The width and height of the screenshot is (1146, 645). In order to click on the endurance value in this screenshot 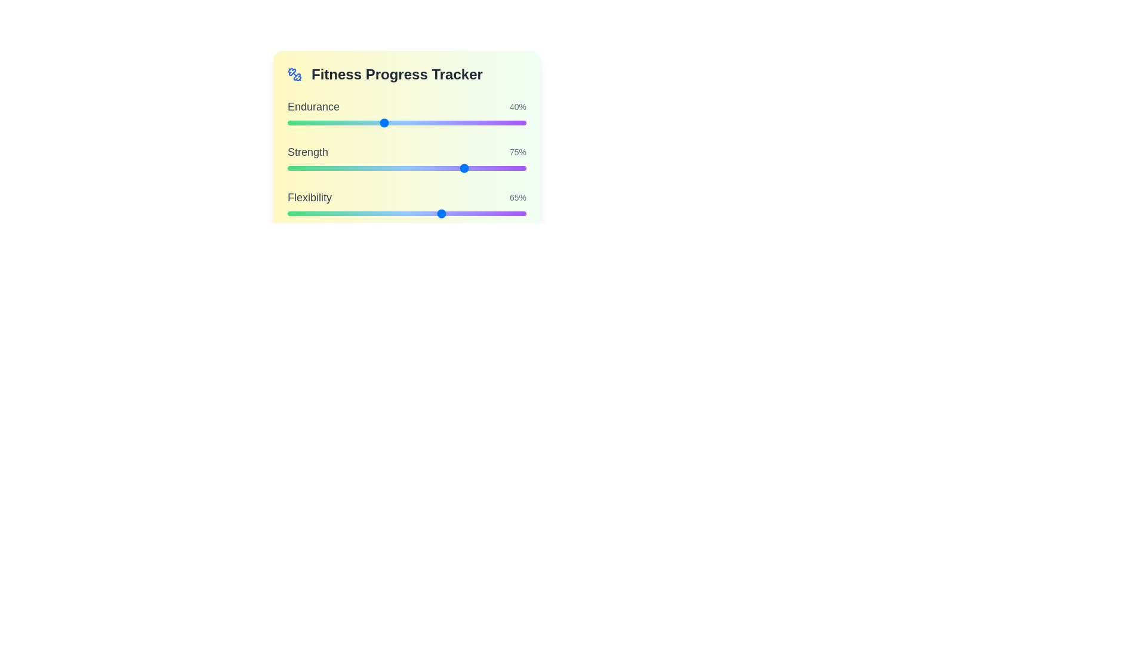, I will do `click(334, 122)`.